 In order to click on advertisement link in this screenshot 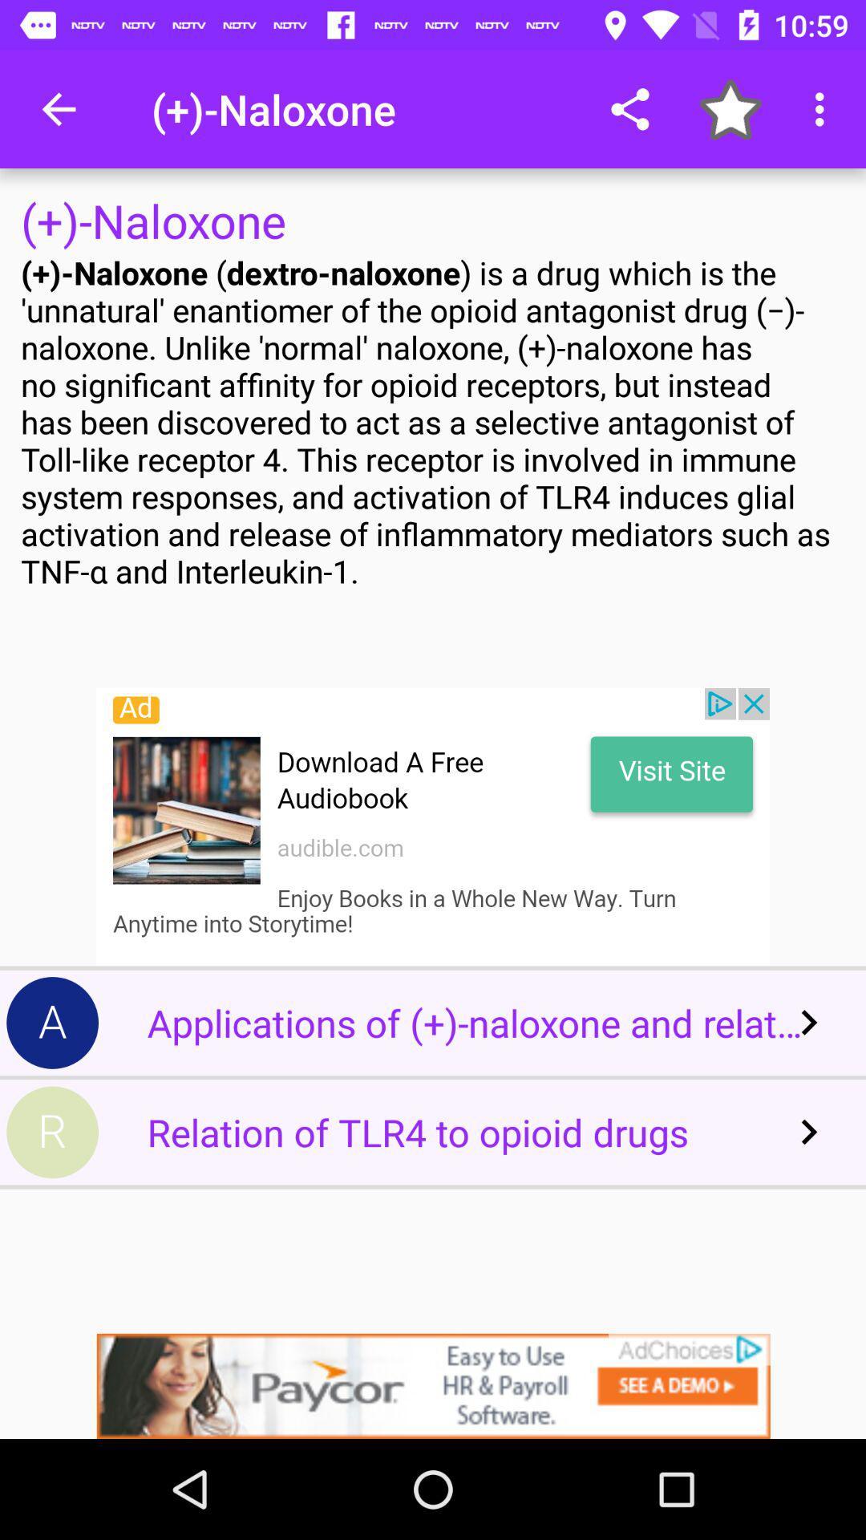, I will do `click(433, 827)`.